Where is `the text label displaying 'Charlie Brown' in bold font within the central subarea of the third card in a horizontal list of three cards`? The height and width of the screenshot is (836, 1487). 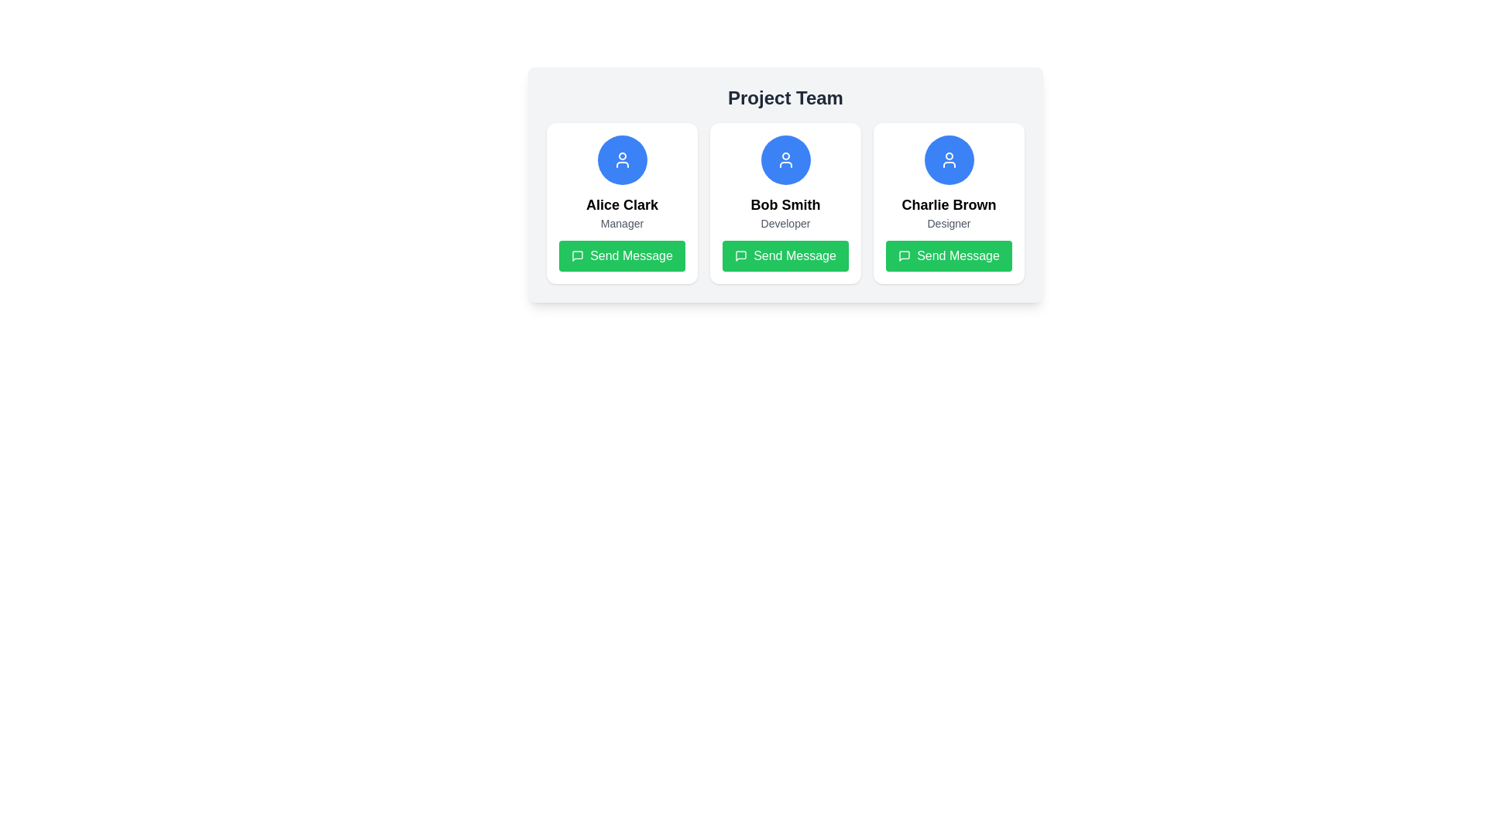 the text label displaying 'Charlie Brown' in bold font within the central subarea of the third card in a horizontal list of three cards is located at coordinates (948, 204).